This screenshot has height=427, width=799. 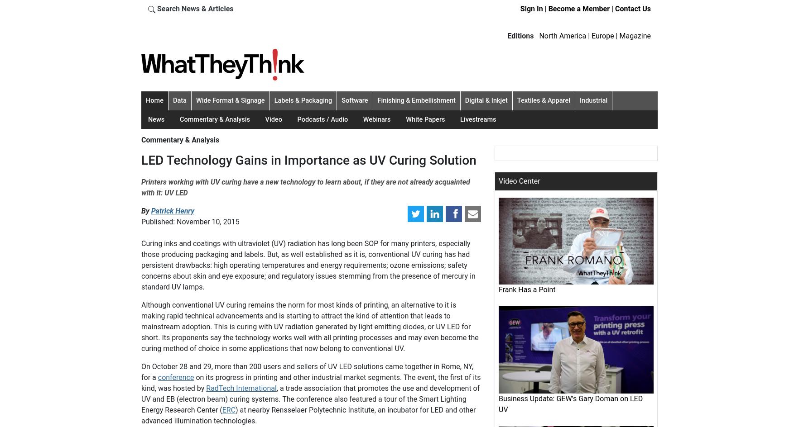 I want to click on 'Software', so click(x=355, y=100).